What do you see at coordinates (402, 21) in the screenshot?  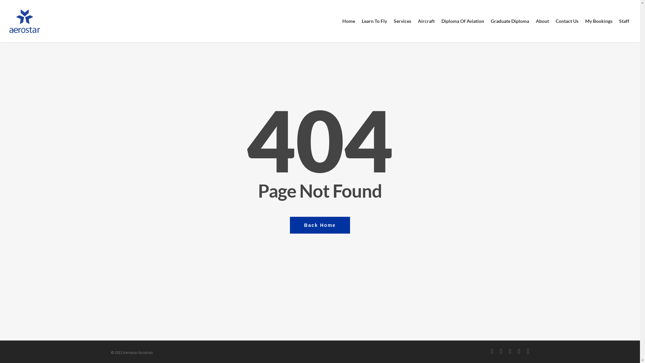 I see `'Services'` at bounding box center [402, 21].